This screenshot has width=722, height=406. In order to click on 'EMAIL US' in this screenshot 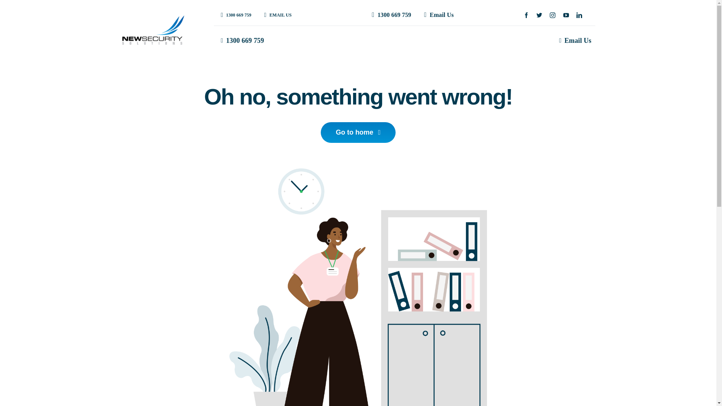, I will do `click(257, 15)`.